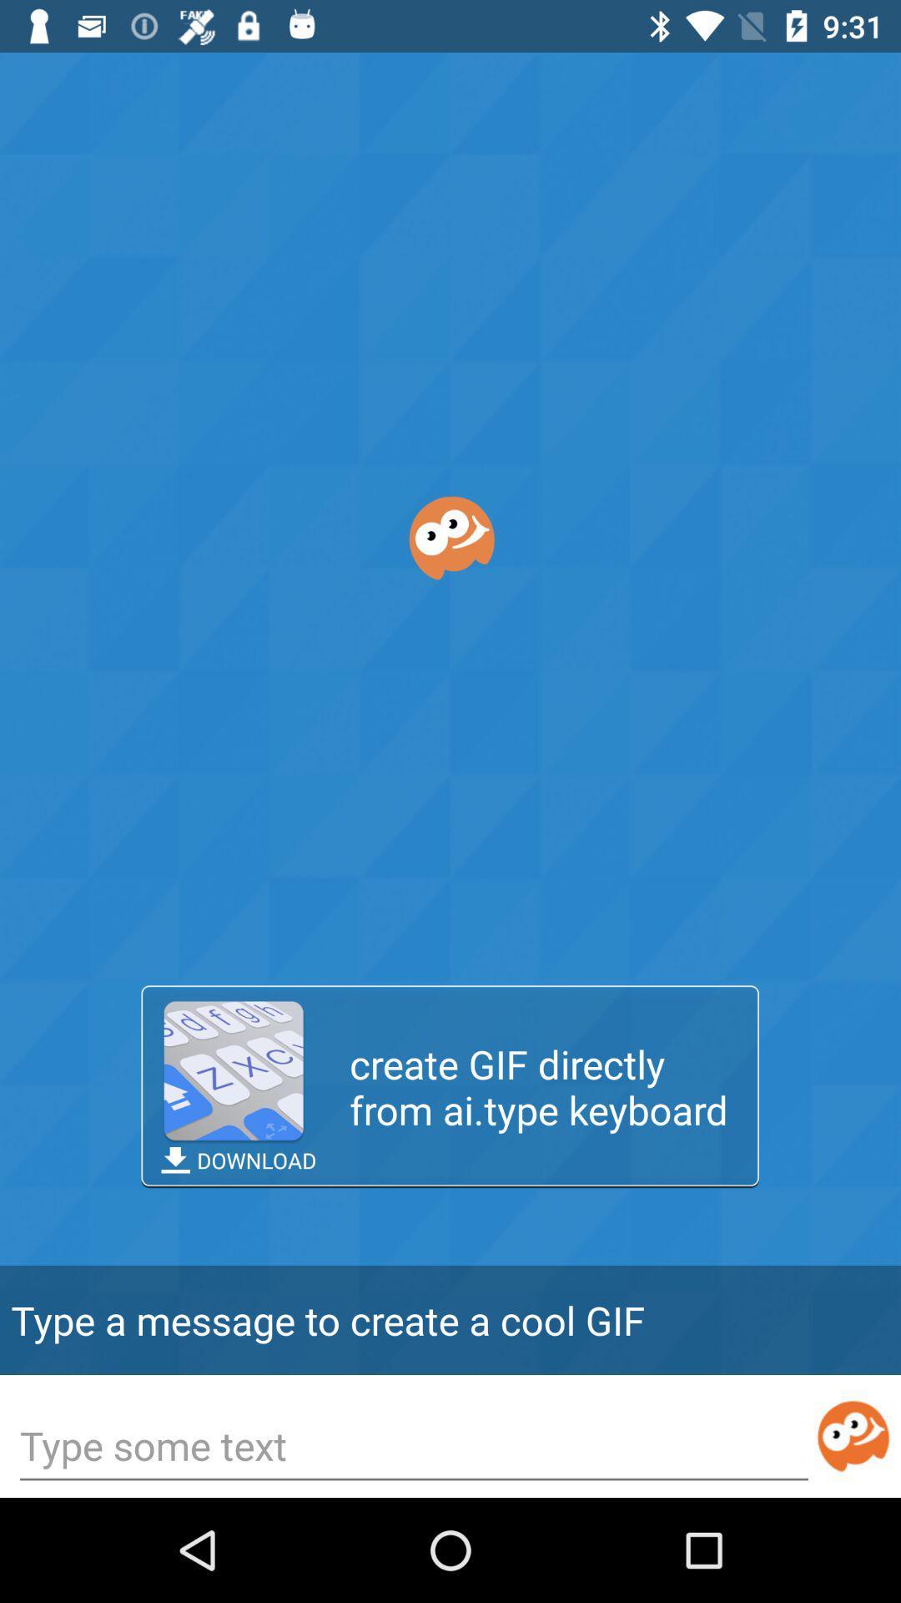 The width and height of the screenshot is (901, 1603). What do you see at coordinates (853, 1435) in the screenshot?
I see `the emoji icon` at bounding box center [853, 1435].